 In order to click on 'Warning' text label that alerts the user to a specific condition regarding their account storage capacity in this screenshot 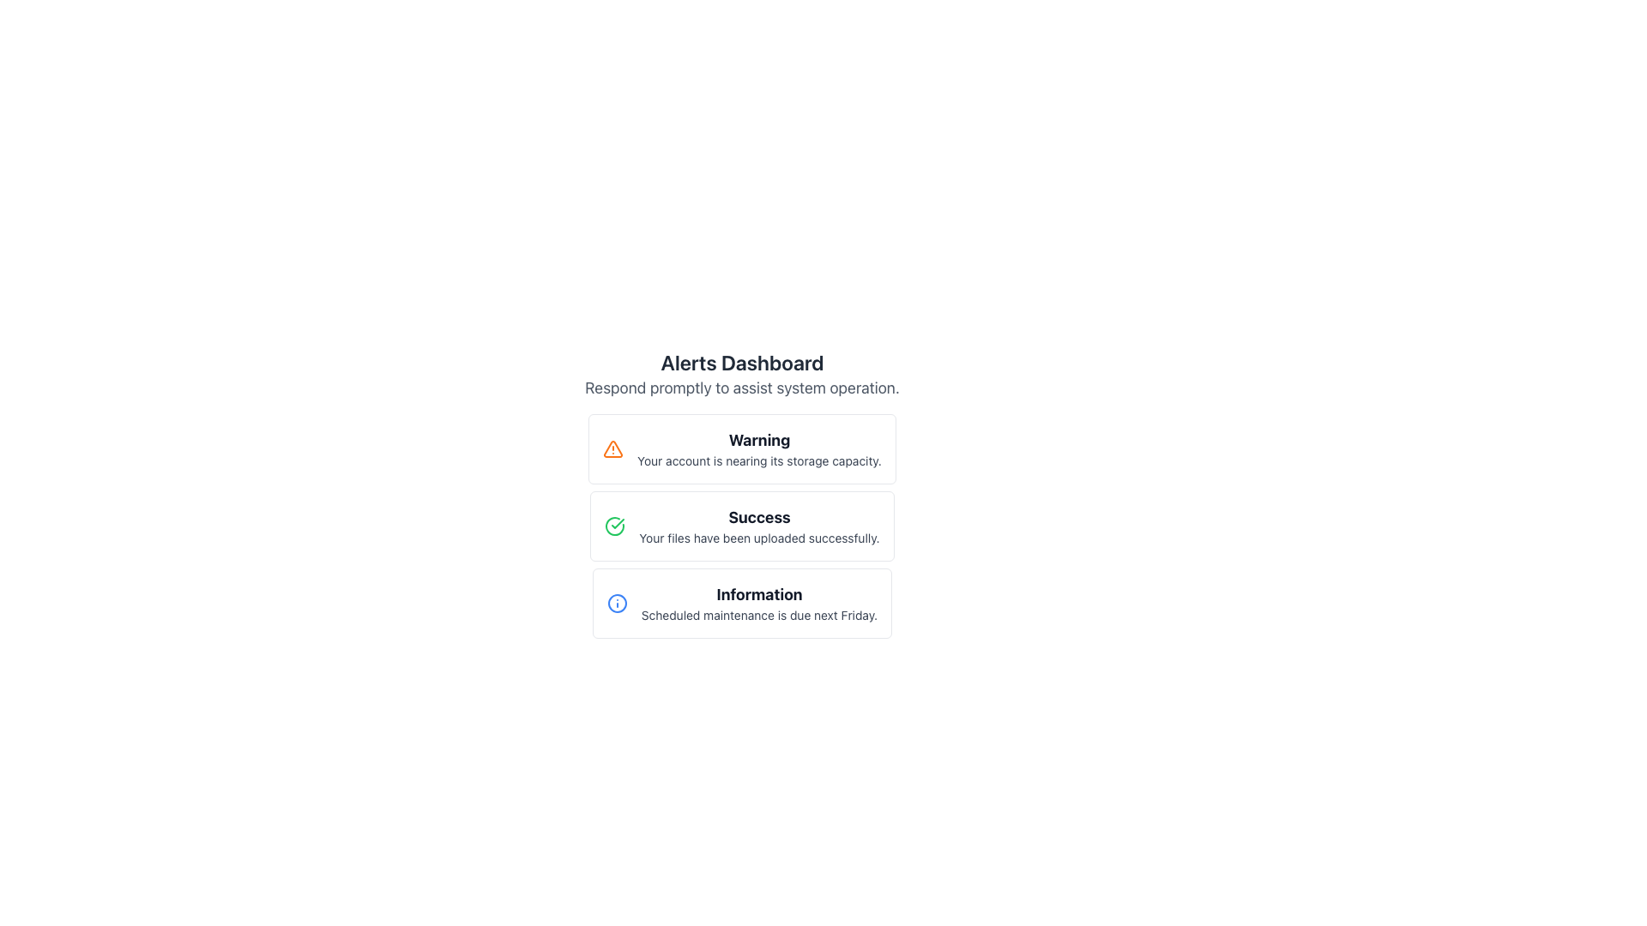, I will do `click(758, 439)`.